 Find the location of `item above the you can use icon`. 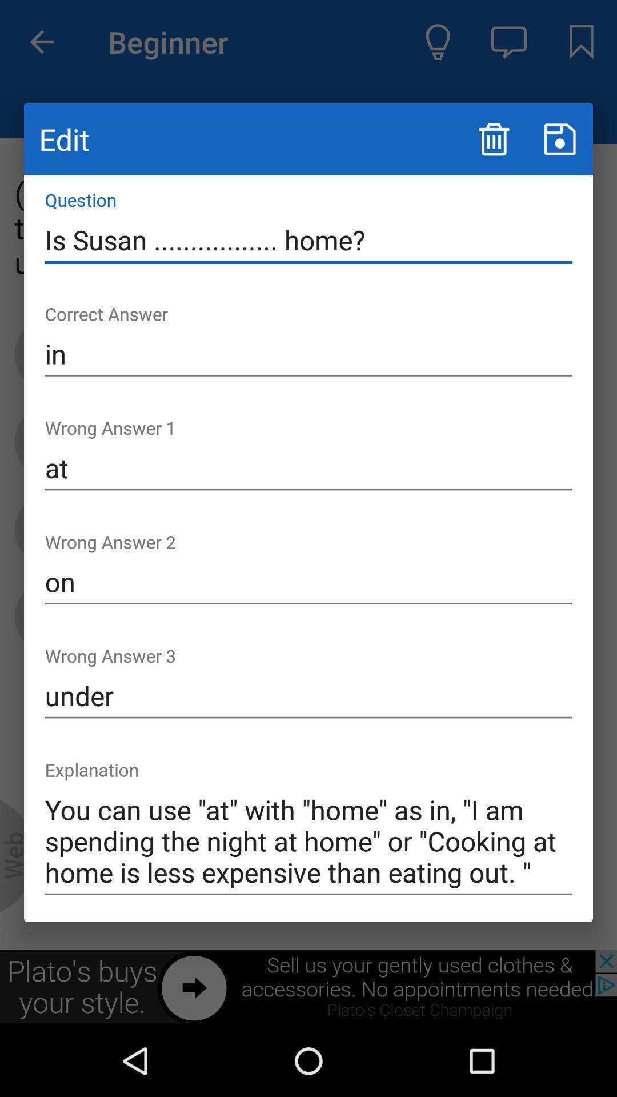

item above the you can use icon is located at coordinates (308, 695).